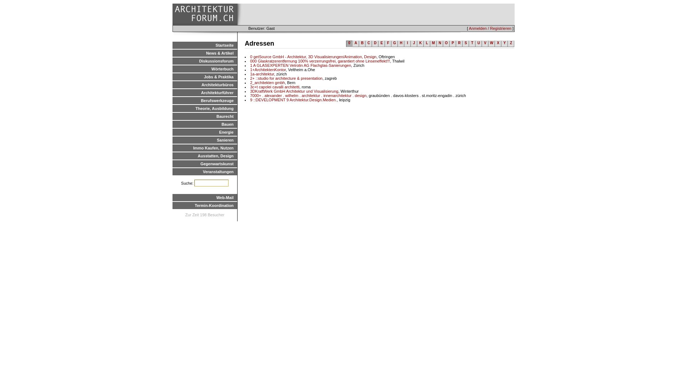 The width and height of the screenshot is (690, 388). I want to click on 'Veranstaltungen', so click(172, 172).